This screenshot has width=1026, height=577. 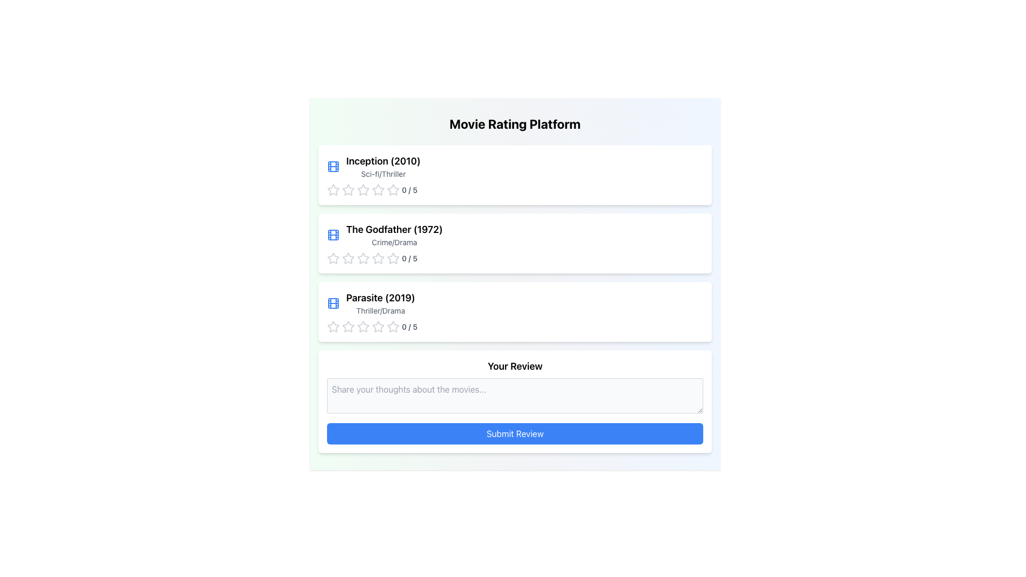 I want to click on the first star icon in the rating row for the movie 'Parasite (2019)', so click(x=378, y=326).